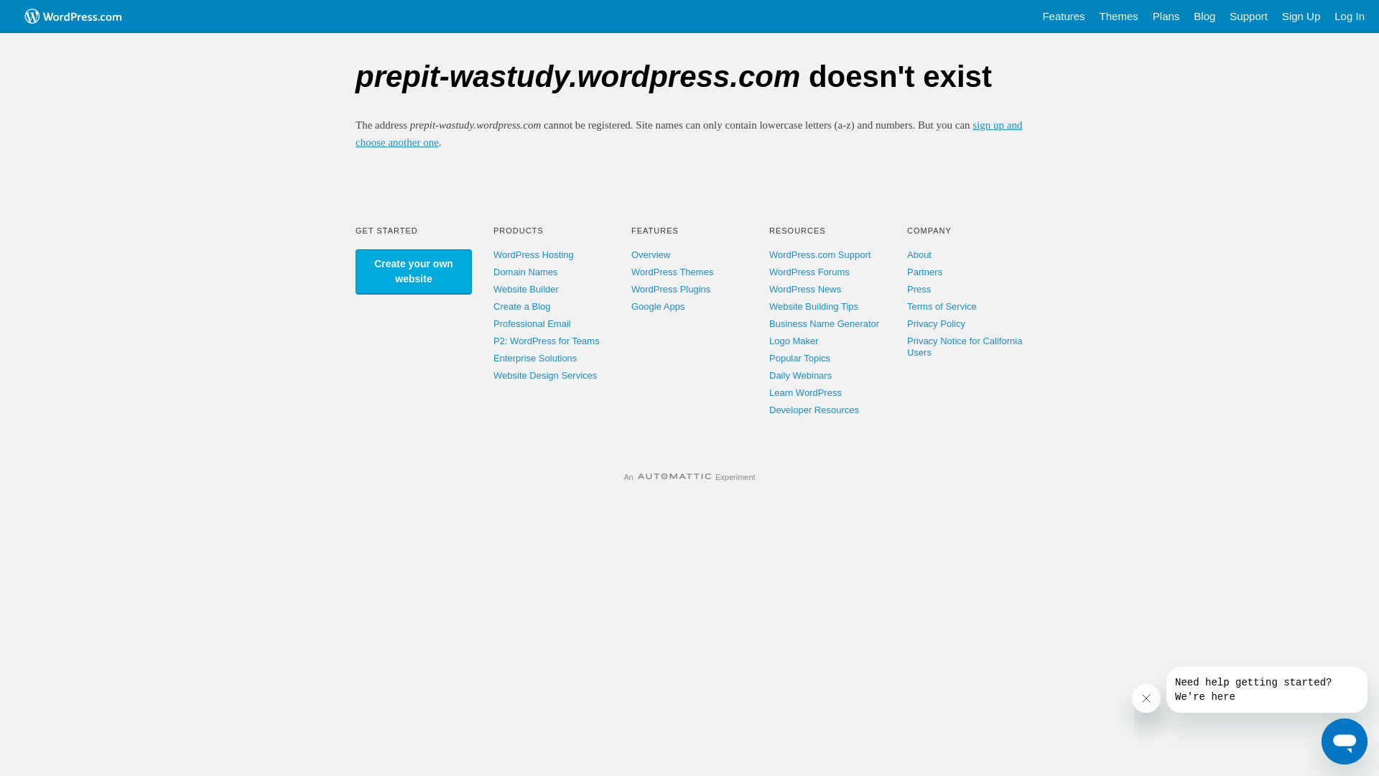 This screenshot has height=776, width=1379. I want to click on 'Press', so click(918, 289).